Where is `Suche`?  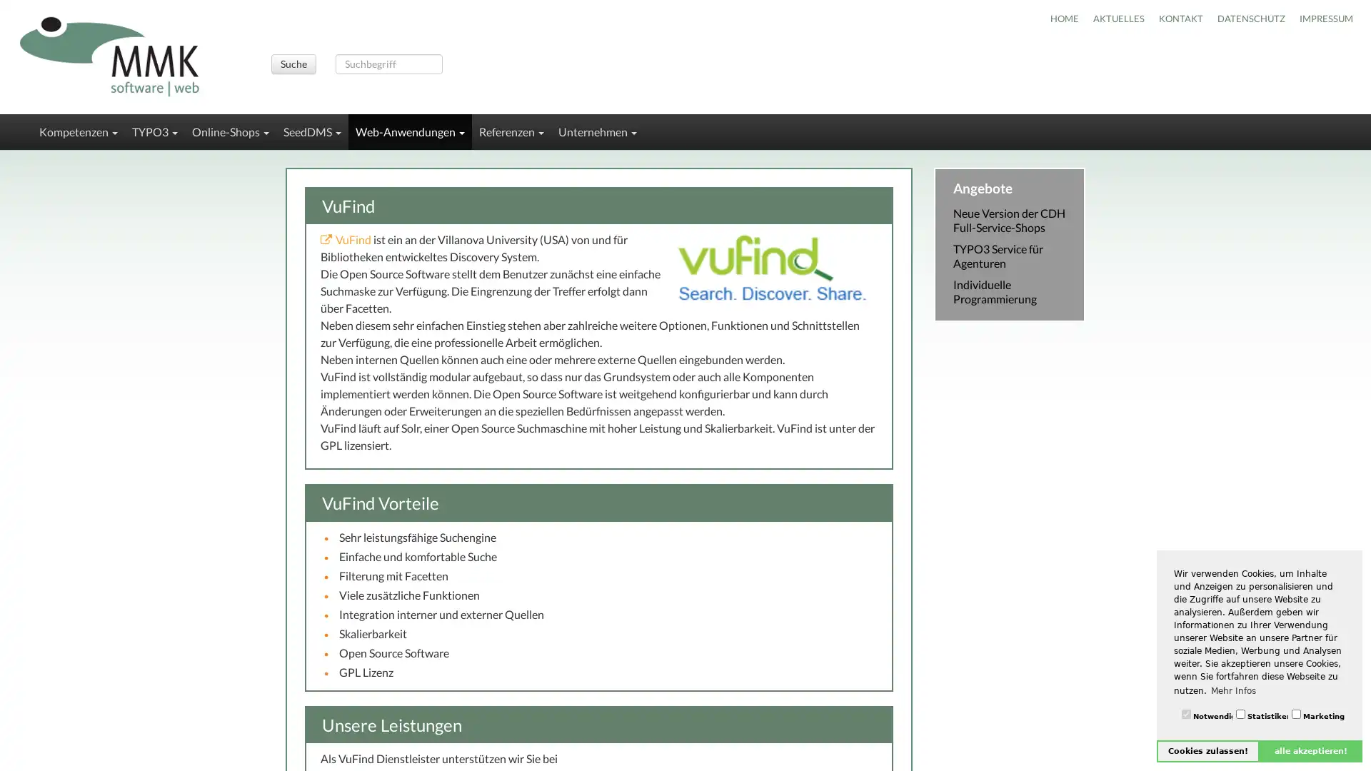
Suche is located at coordinates (292, 63).